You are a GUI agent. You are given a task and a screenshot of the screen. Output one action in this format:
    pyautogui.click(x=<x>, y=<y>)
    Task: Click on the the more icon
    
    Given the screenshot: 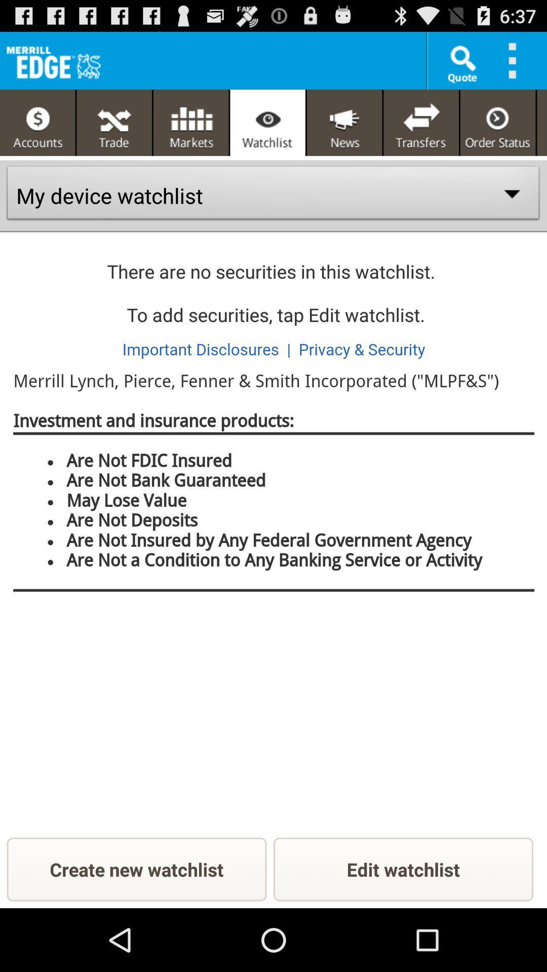 What is the action you would take?
    pyautogui.click(x=516, y=64)
    